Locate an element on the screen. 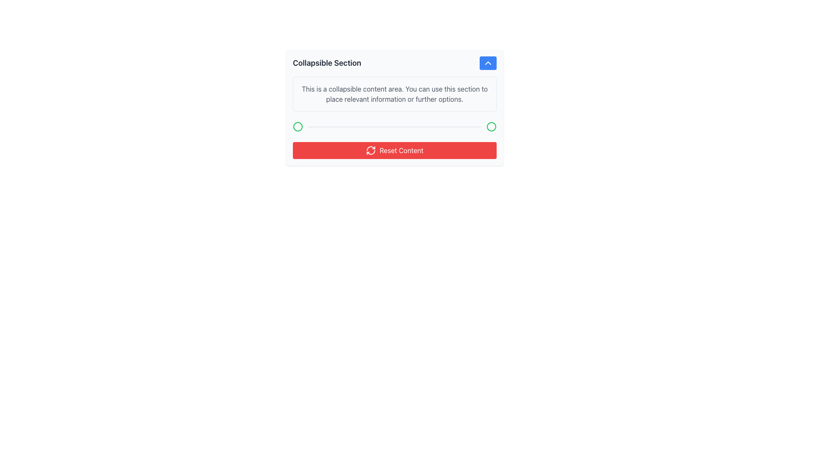  the Chevron Icon Button located to the right of the 'Collapsible Section' header is located at coordinates (488, 63).